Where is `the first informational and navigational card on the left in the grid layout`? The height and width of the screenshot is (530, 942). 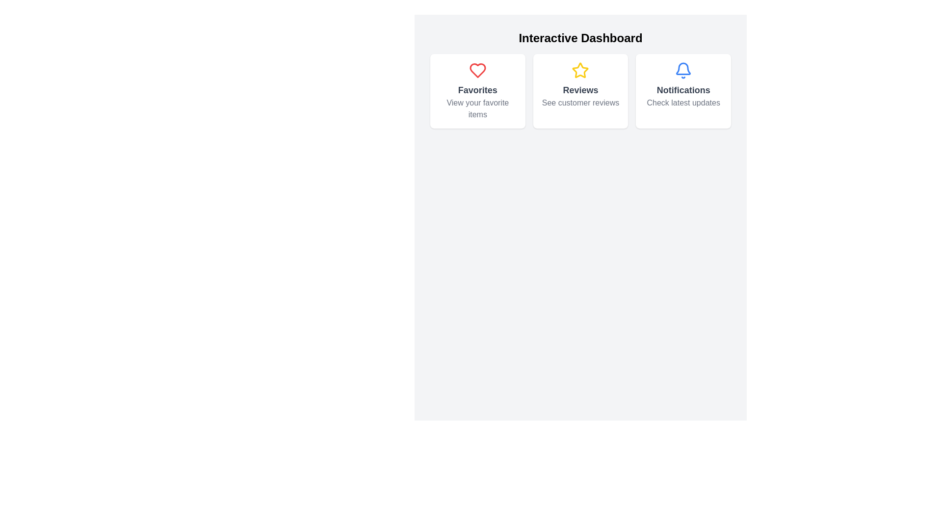 the first informational and navigational card on the left in the grid layout is located at coordinates (477, 91).